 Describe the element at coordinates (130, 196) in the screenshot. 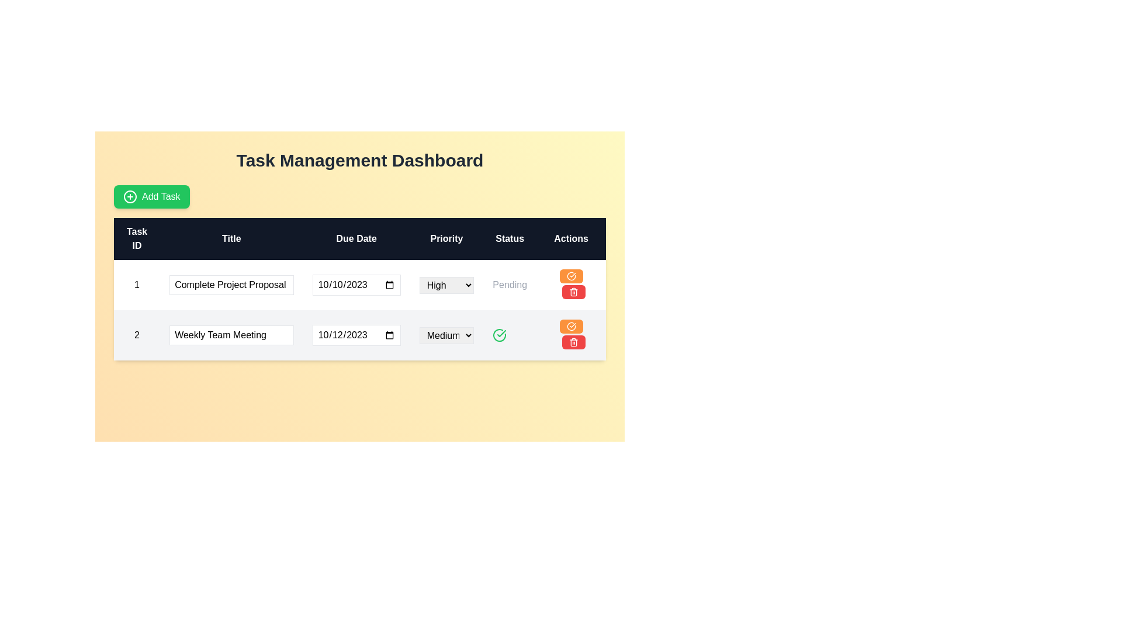

I see `the Icon representing the 'Add Task' button located in the upper-left corner of the interface, positioned to the left of the button's text` at that location.